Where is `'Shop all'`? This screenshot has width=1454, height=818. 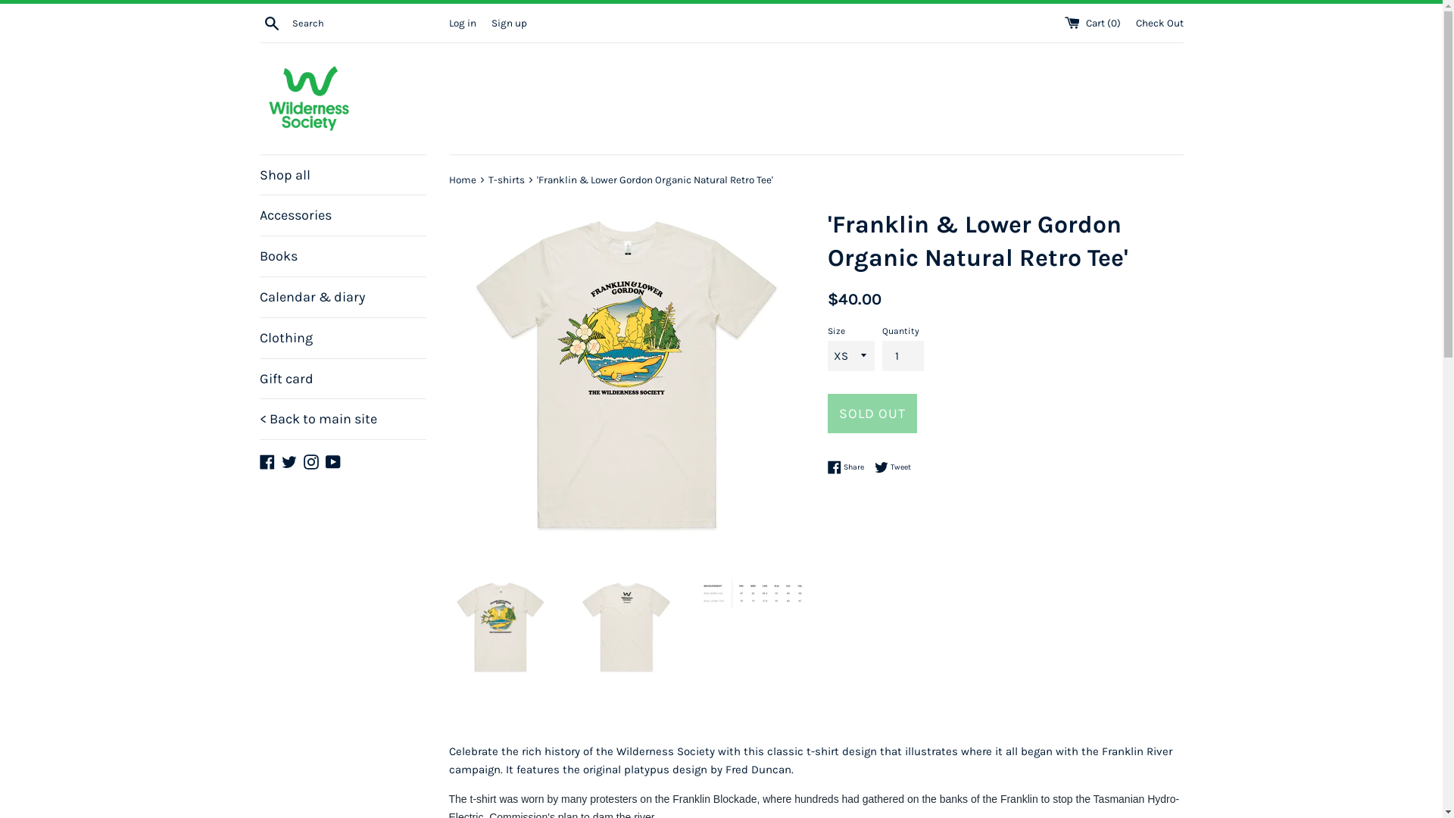
'Shop all' is located at coordinates (341, 174).